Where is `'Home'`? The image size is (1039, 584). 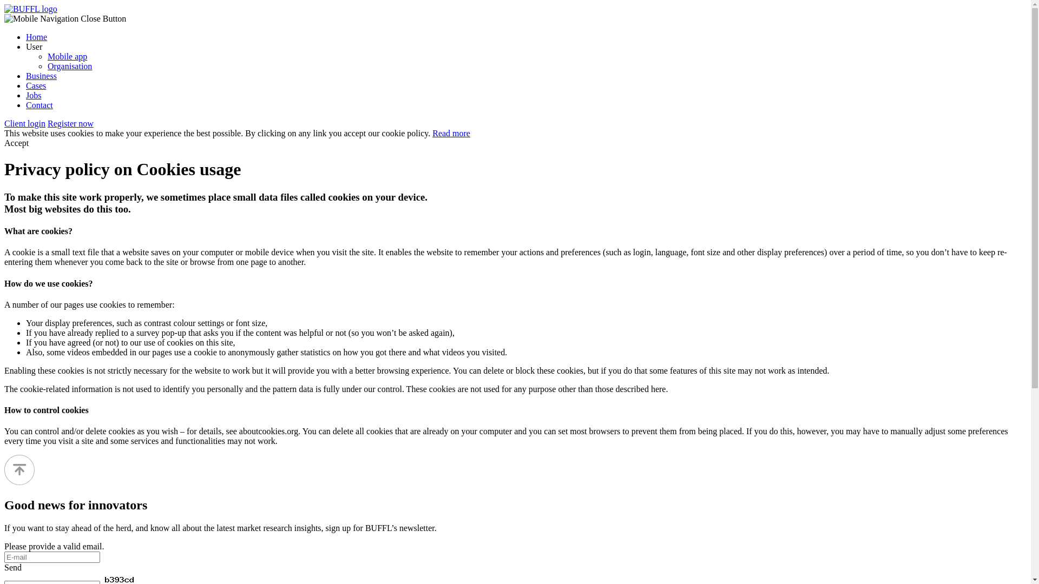 'Home' is located at coordinates (36, 36).